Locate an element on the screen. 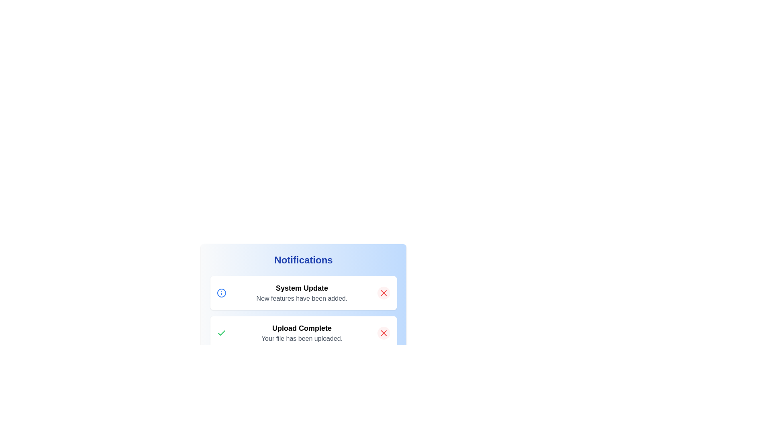 The width and height of the screenshot is (771, 433). the green tick icon located at the top-left of the 'Upload Complete' notification panel, which indicates a successful operation is located at coordinates (222, 333).